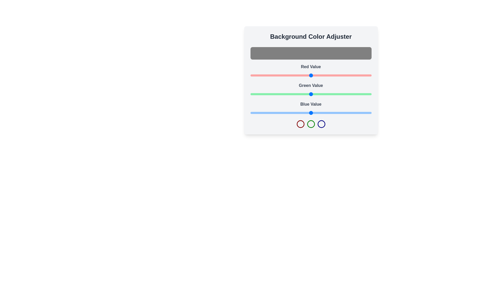 This screenshot has height=281, width=501. I want to click on the blue slider to set the blue value to 63, so click(280, 113).